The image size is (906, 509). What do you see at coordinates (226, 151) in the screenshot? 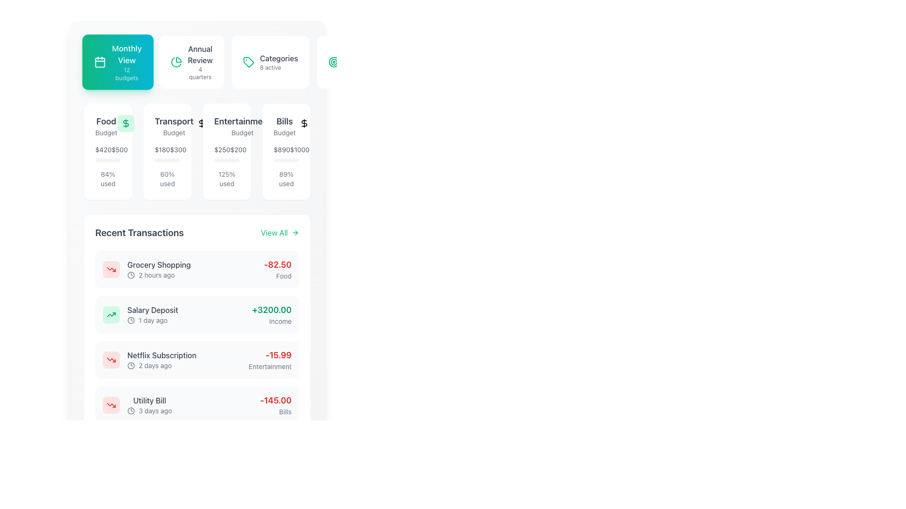
I see `the 'Entertainment' budget overview card, which displays the allocated and used amounts, percentage spent, and a visual progress bar, positioned in the 'Monthly View' section between the 'Transport Budget' card and the 'Bills Budget' card` at bounding box center [226, 151].